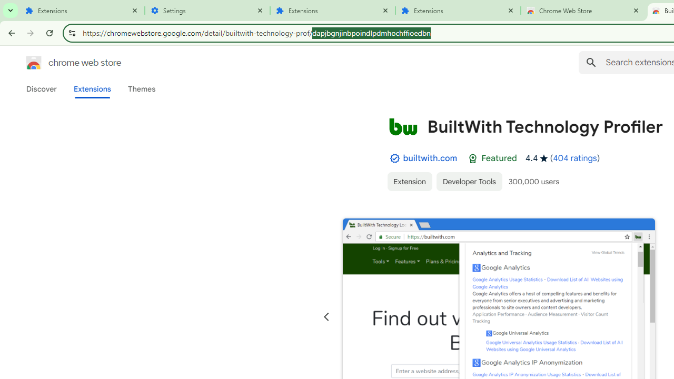 The image size is (674, 379). Describe the element at coordinates (5, 6) in the screenshot. I see `'System'` at that location.